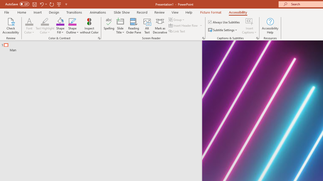 The image size is (323, 181). Describe the element at coordinates (60, 26) in the screenshot. I see `'Shape Fill'` at that location.